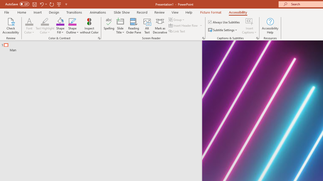 The image size is (323, 181). Describe the element at coordinates (60, 26) in the screenshot. I see `'Shape Fill'` at that location.